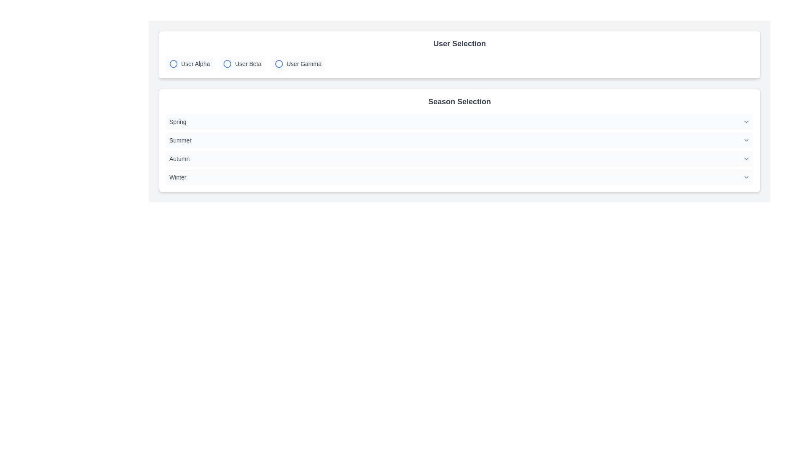 This screenshot has height=454, width=807. What do you see at coordinates (173, 63) in the screenshot?
I see `the Graphical Circle associated with the 'User Alpha' button in the User Selection interface` at bounding box center [173, 63].